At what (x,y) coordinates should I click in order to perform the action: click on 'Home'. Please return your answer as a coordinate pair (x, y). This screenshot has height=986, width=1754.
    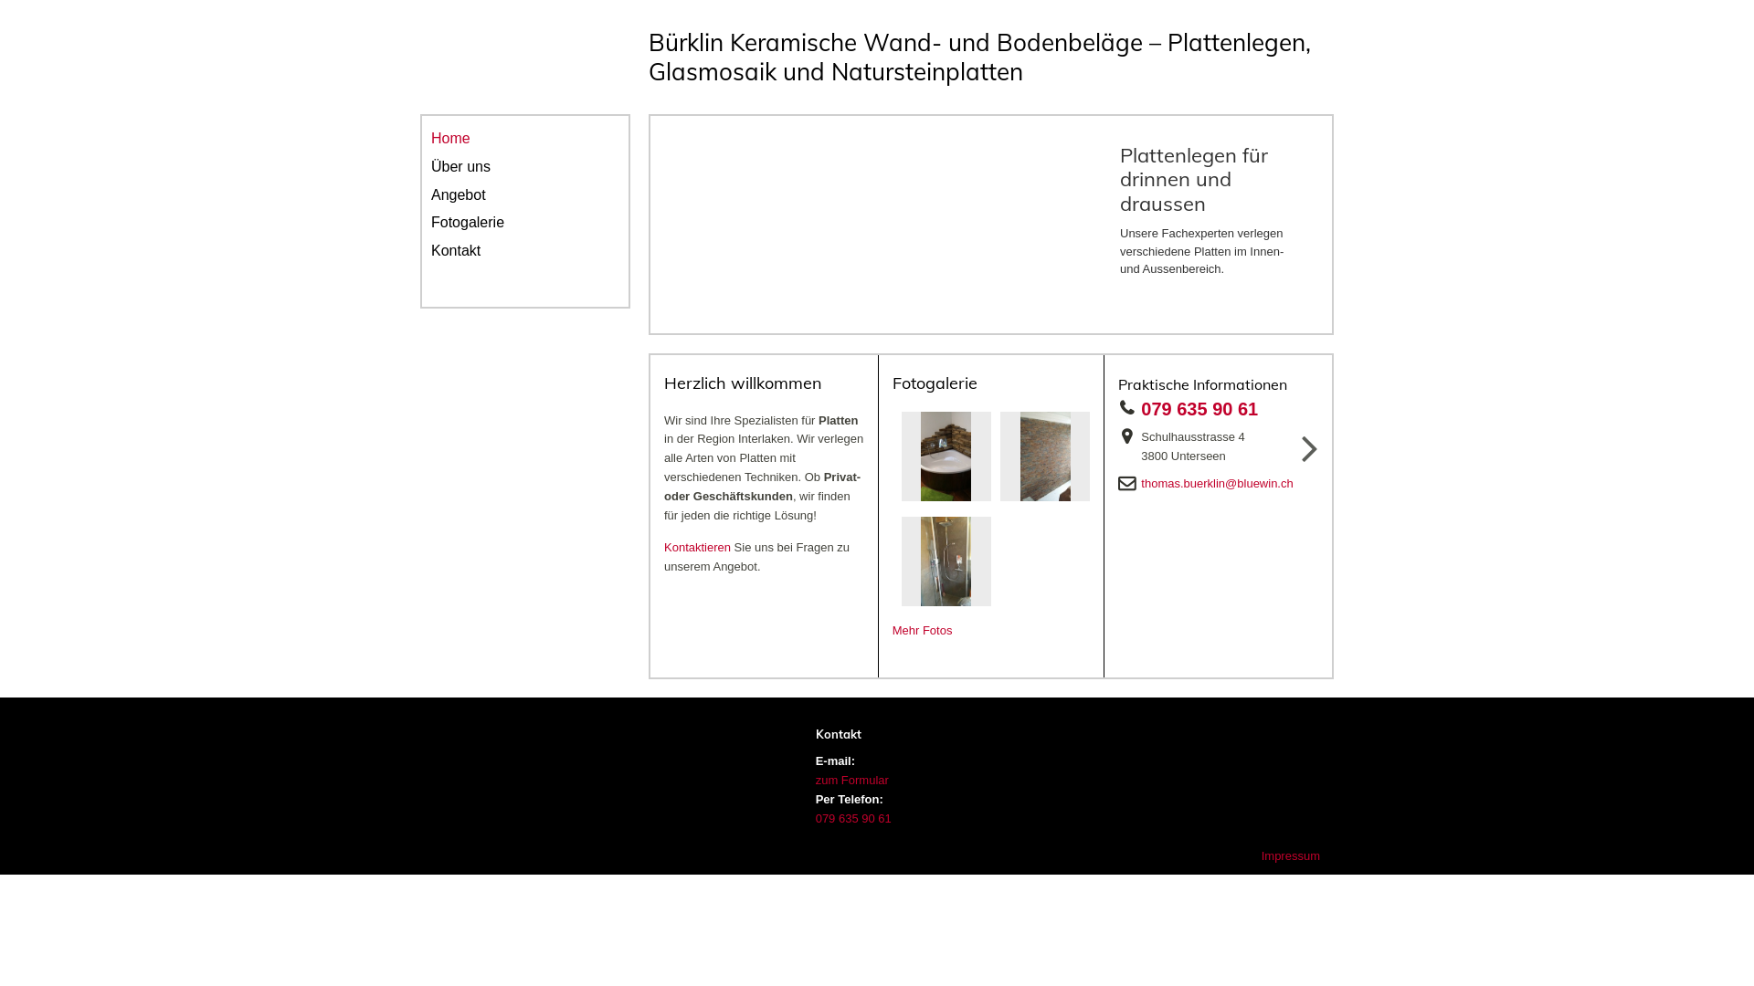
    Looking at the image, I should click on (524, 138).